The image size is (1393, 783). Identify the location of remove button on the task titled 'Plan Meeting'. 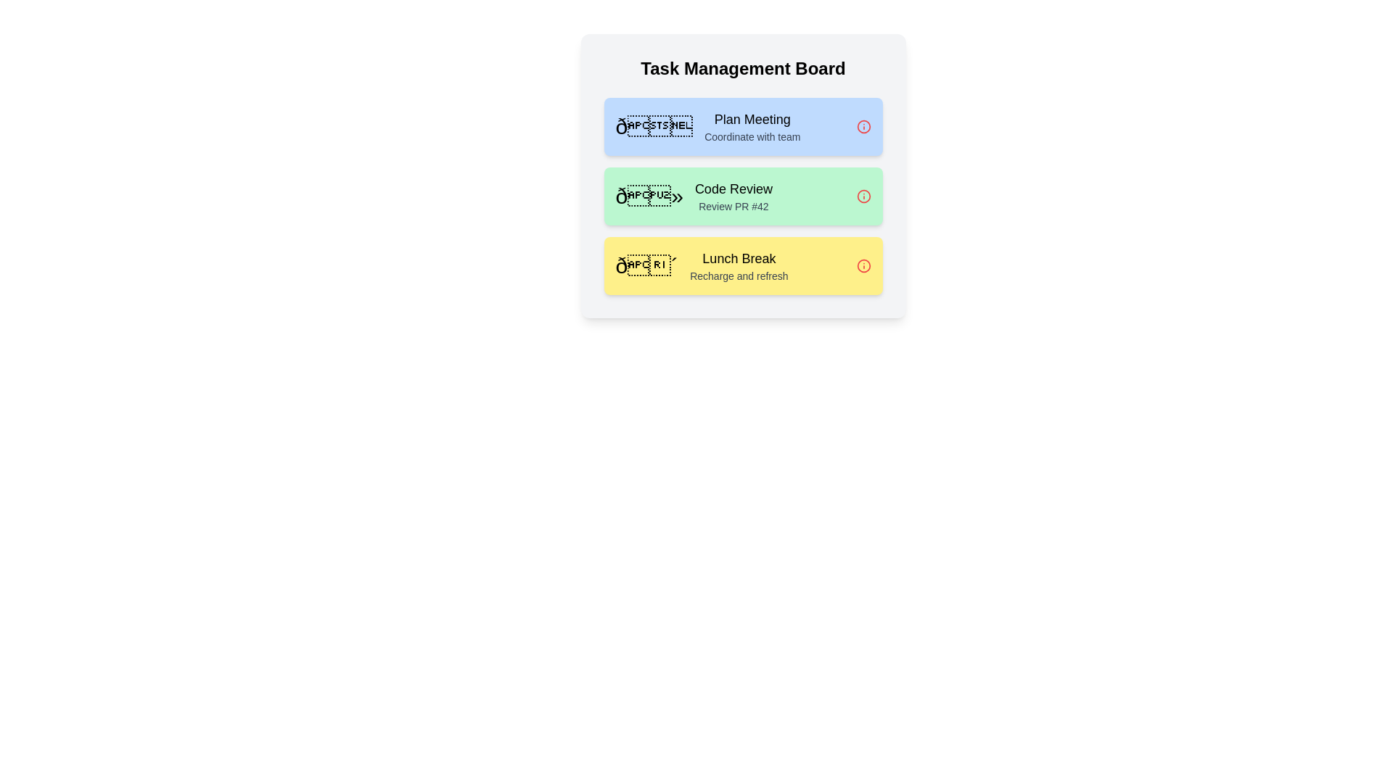
(863, 125).